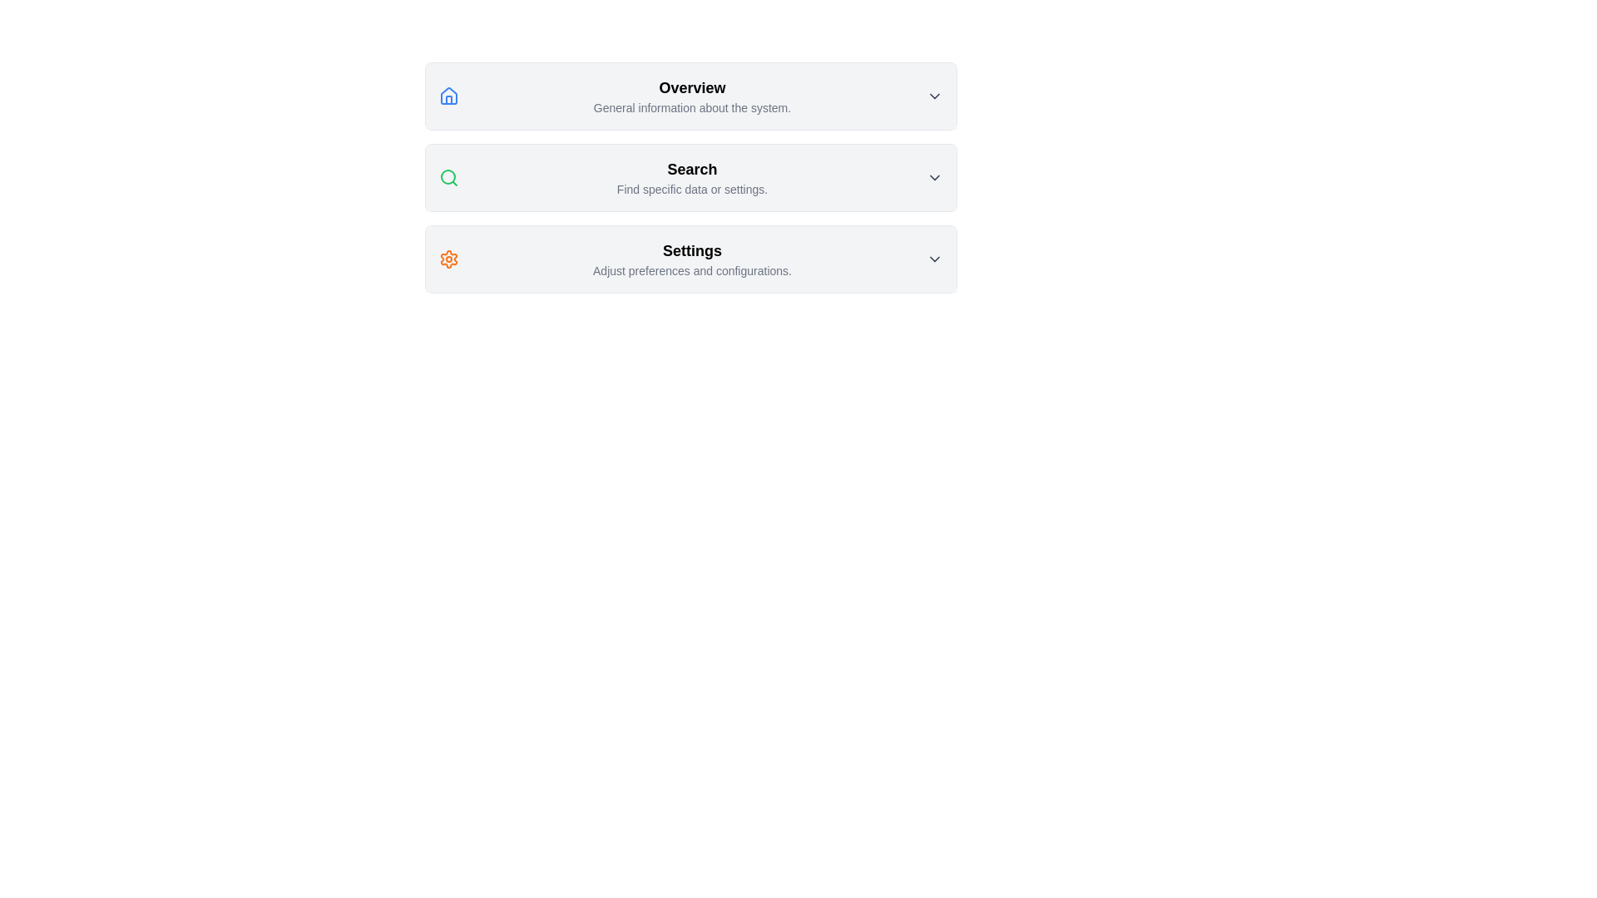  What do you see at coordinates (692, 170) in the screenshot?
I see `the header label that indicates the purpose of the section related to searching for specific data or settings, located in the second section of a list, positioned above the text 'Find specific data or settings.' and below the green magnifying glass icon` at bounding box center [692, 170].